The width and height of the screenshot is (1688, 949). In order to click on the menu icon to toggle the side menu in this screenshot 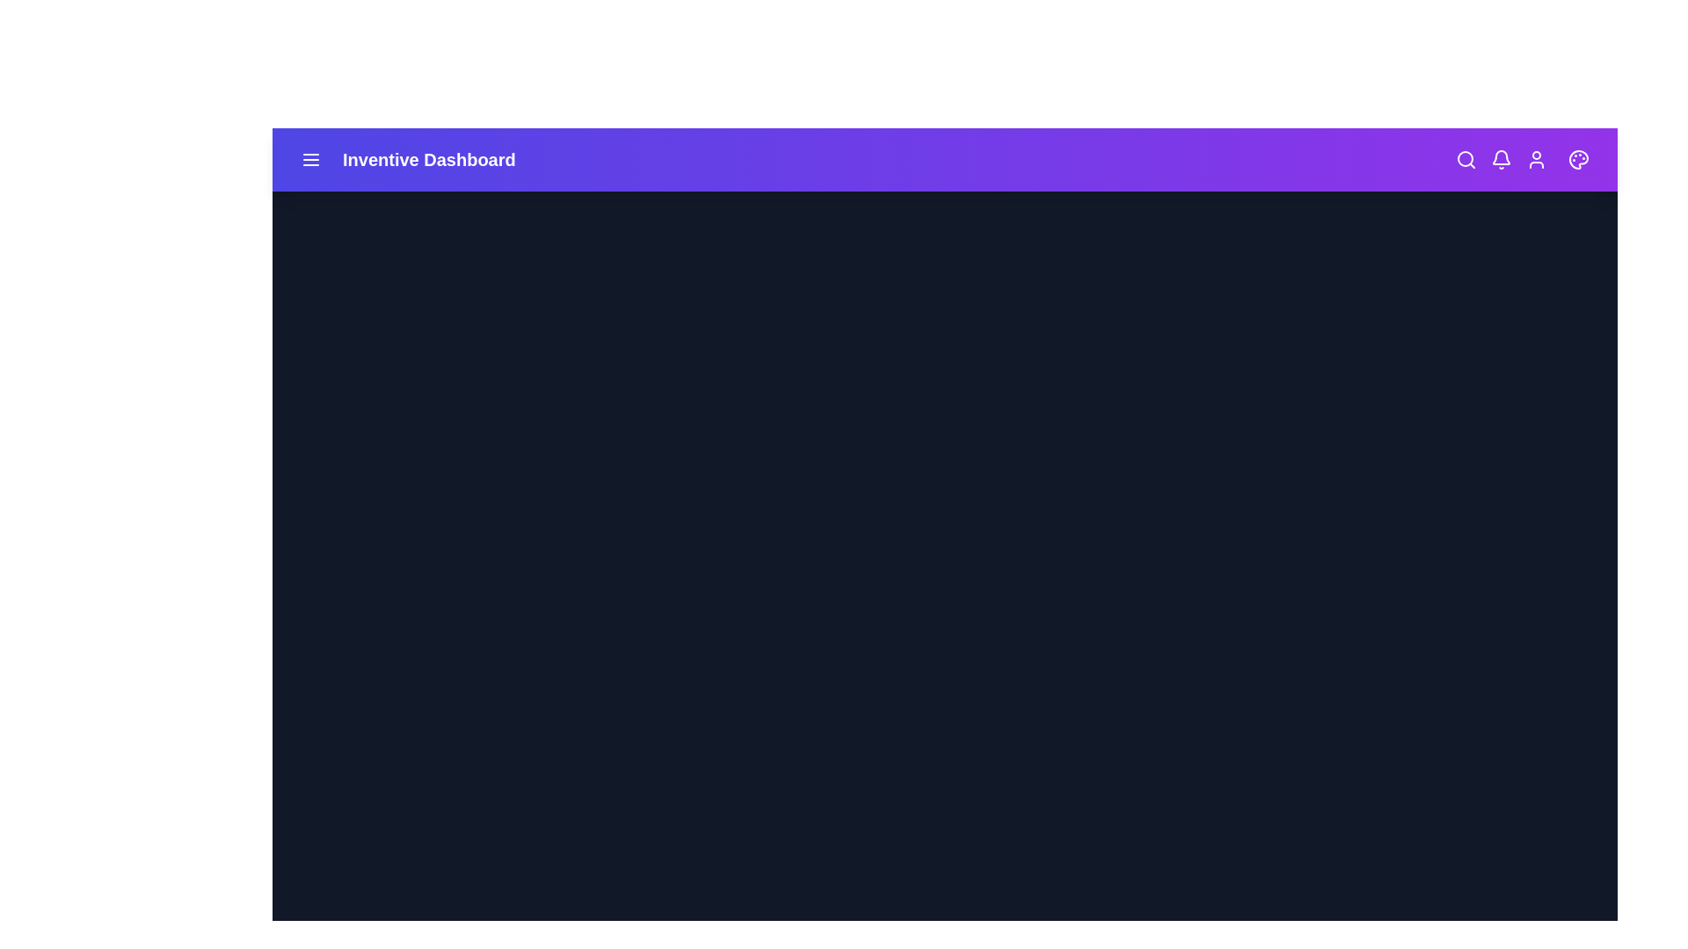, I will do `click(311, 159)`.